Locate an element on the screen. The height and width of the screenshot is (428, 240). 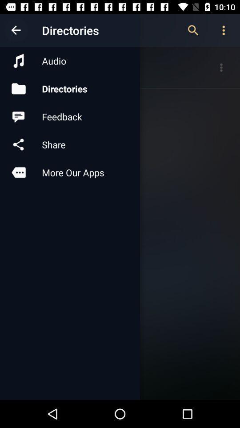
item above the share is located at coordinates (69, 116).